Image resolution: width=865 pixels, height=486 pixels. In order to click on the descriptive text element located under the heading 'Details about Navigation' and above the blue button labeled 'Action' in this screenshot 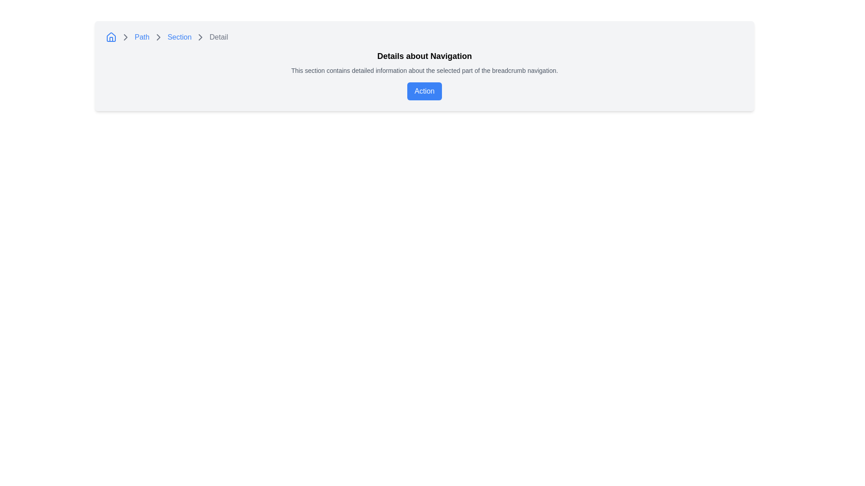, I will do `click(424, 70)`.